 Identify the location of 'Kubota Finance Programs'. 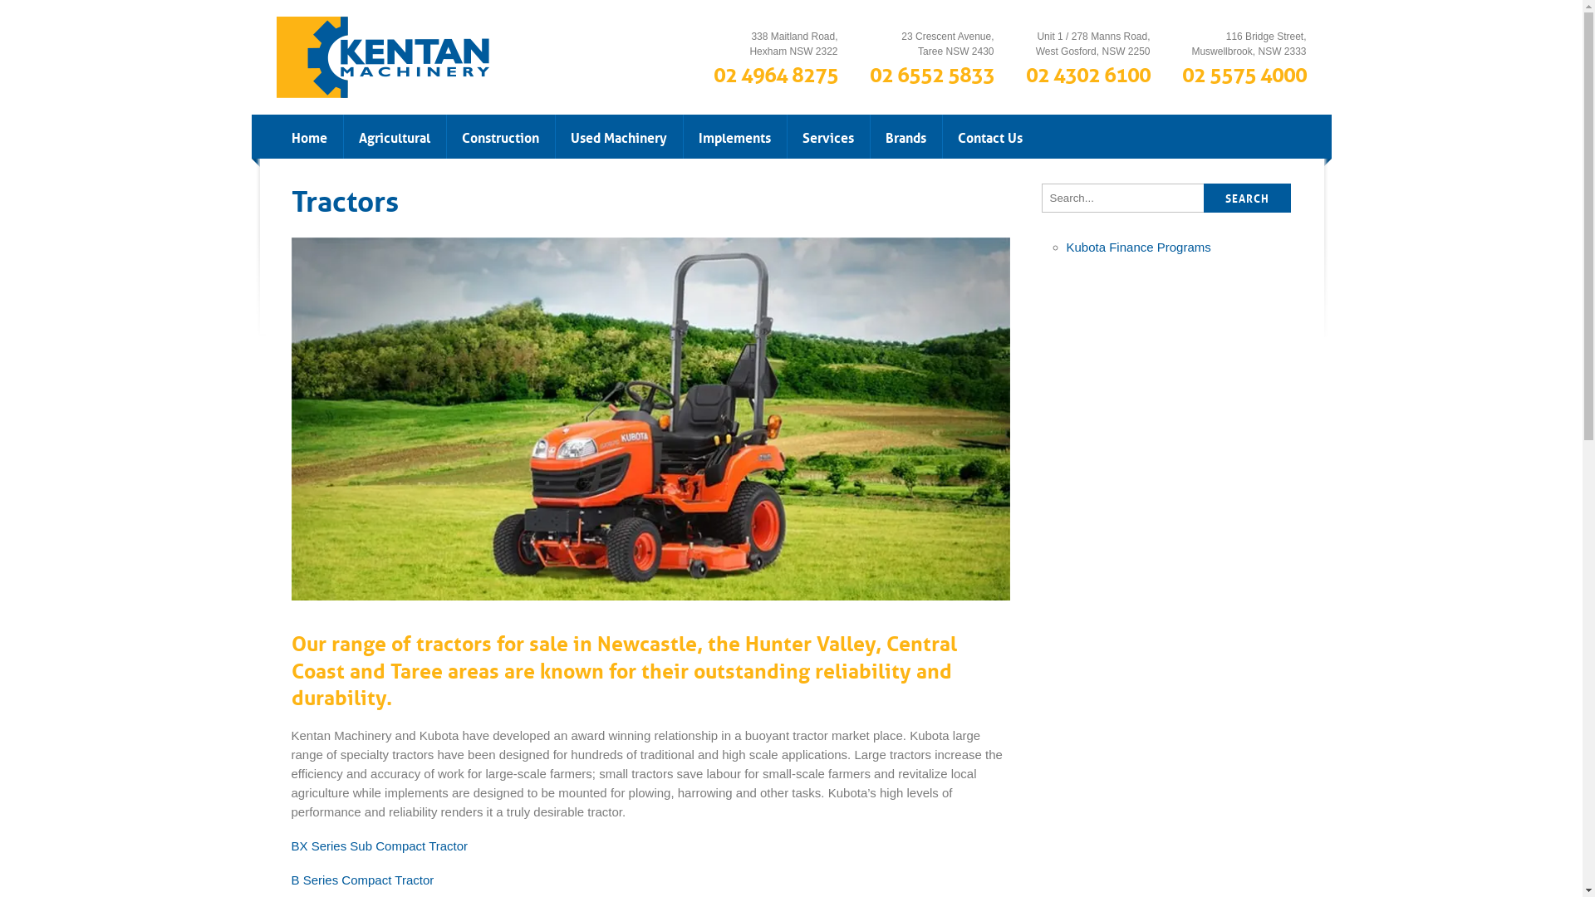
(1138, 247).